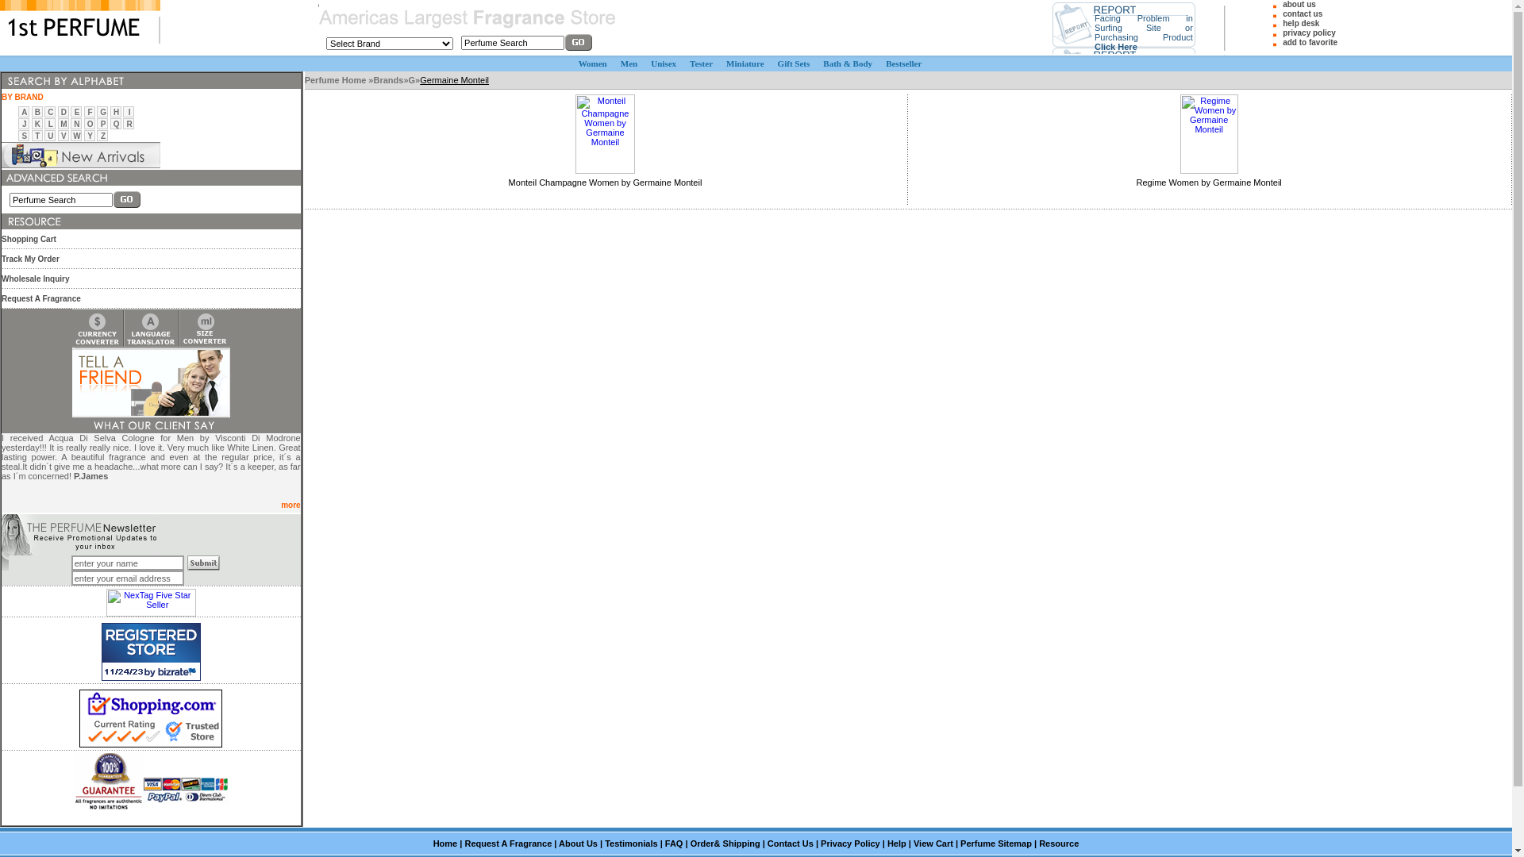 This screenshot has height=857, width=1524. What do you see at coordinates (1059, 843) in the screenshot?
I see `'Resource'` at bounding box center [1059, 843].